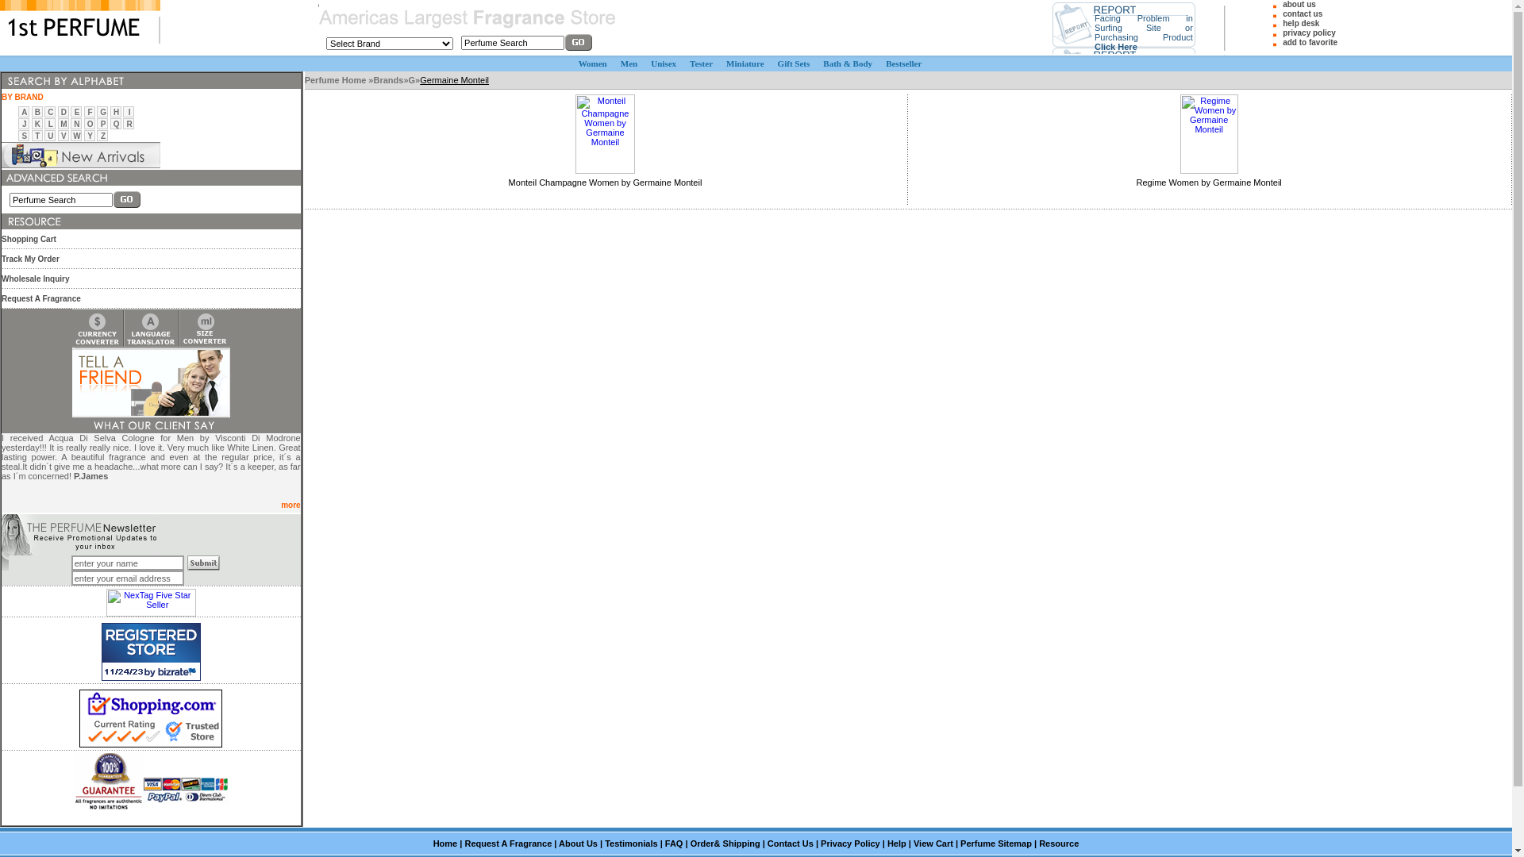 This screenshot has height=857, width=1524. What do you see at coordinates (1059, 843) in the screenshot?
I see `'Resource'` at bounding box center [1059, 843].